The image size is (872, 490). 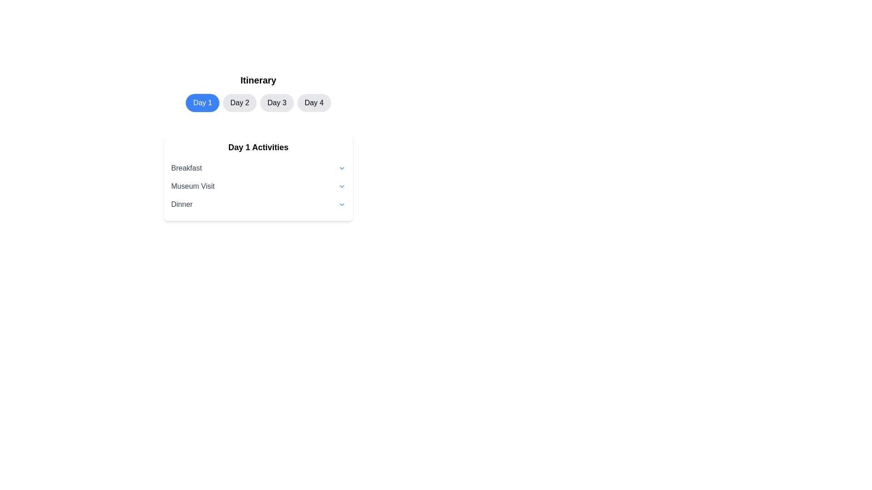 What do you see at coordinates (192, 186) in the screenshot?
I see `the static text label displaying 'Museum Visit', which is the second item in the 'Day 1 Activities' list, positioned between 'Breakfast' and 'Dinner'` at bounding box center [192, 186].